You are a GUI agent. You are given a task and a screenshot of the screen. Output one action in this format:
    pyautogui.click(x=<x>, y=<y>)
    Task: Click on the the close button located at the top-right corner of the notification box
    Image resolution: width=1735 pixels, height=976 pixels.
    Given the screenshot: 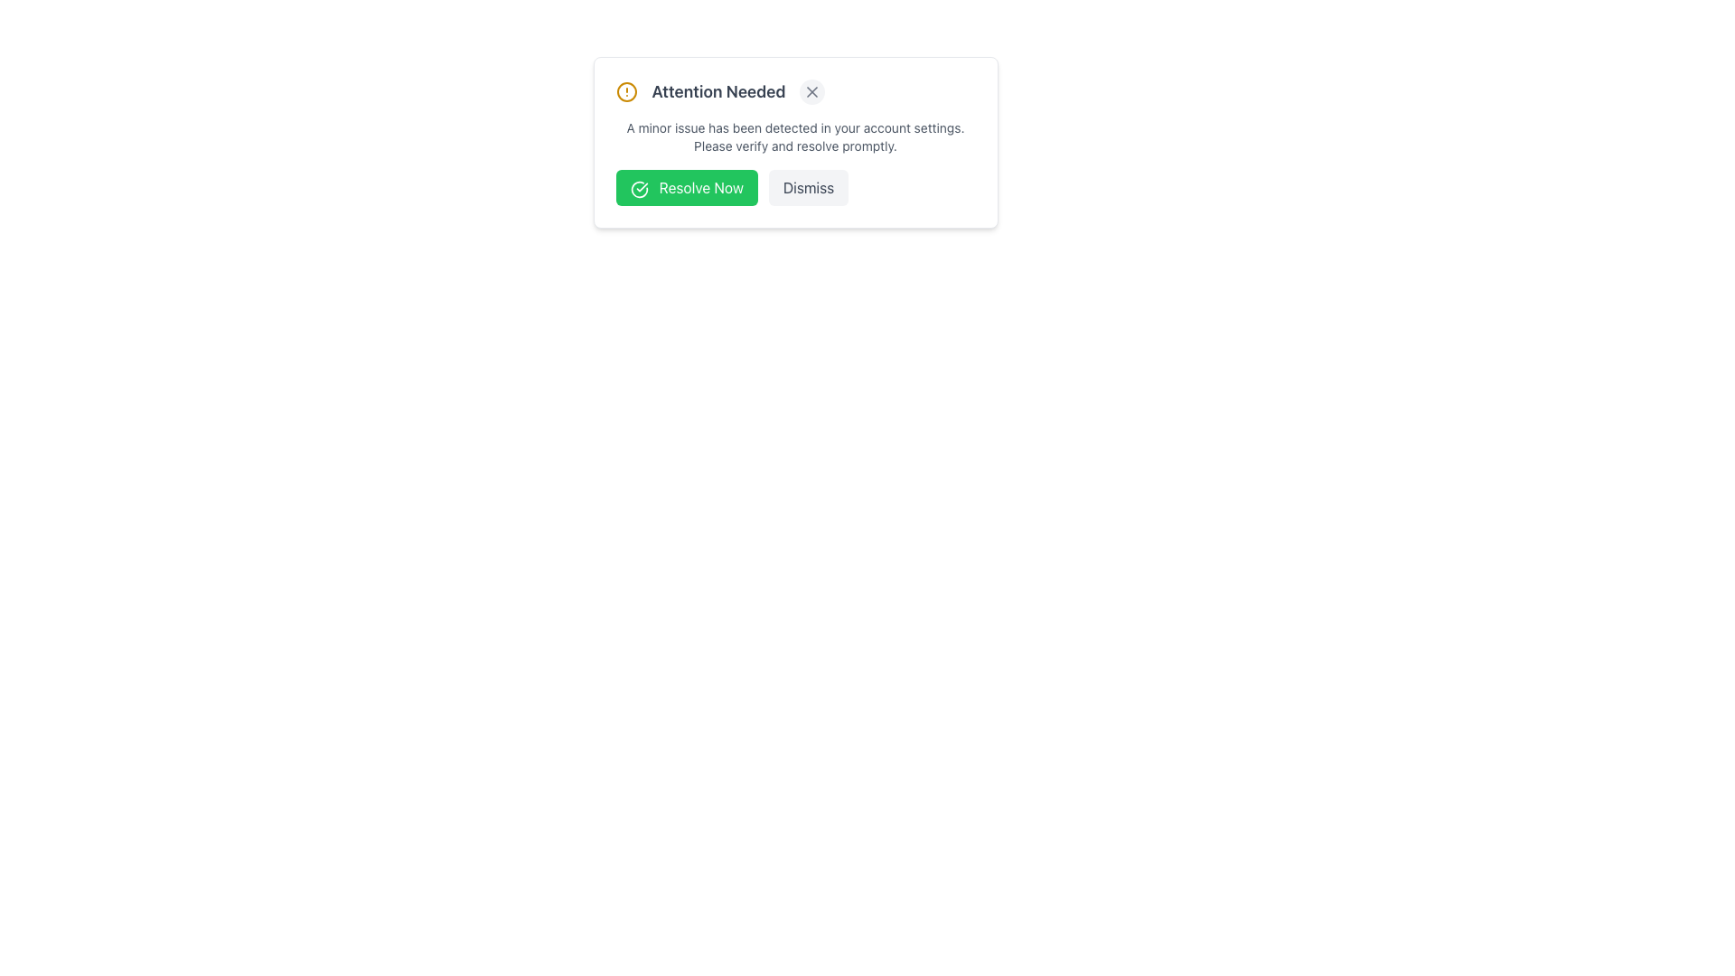 What is the action you would take?
    pyautogui.click(x=811, y=91)
    